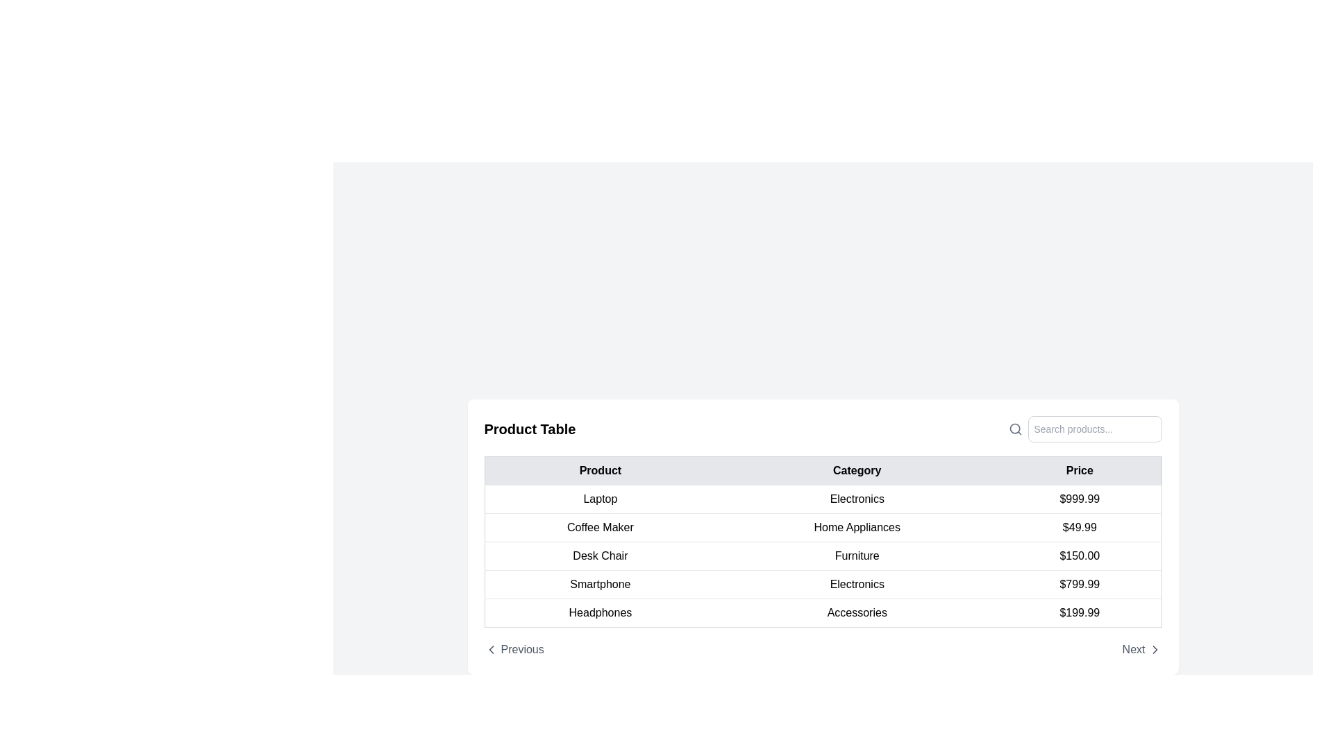 The width and height of the screenshot is (1333, 749). I want to click on the text label displaying '$150.00' in the third row of the table under the 'Price' column, so click(1079, 555).